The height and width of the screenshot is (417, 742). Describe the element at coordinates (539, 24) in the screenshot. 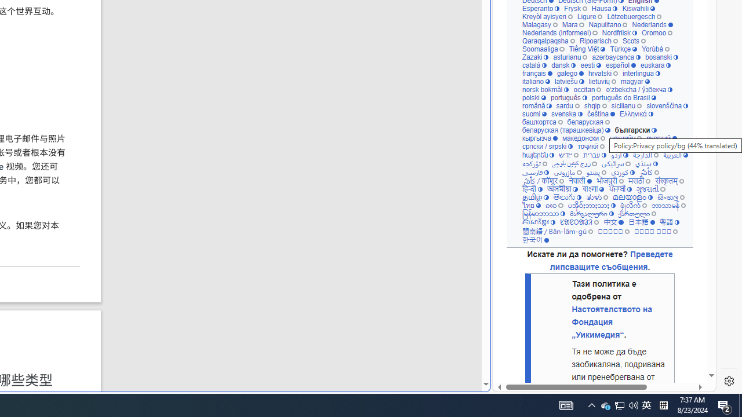

I see `'Malagasy'` at that location.